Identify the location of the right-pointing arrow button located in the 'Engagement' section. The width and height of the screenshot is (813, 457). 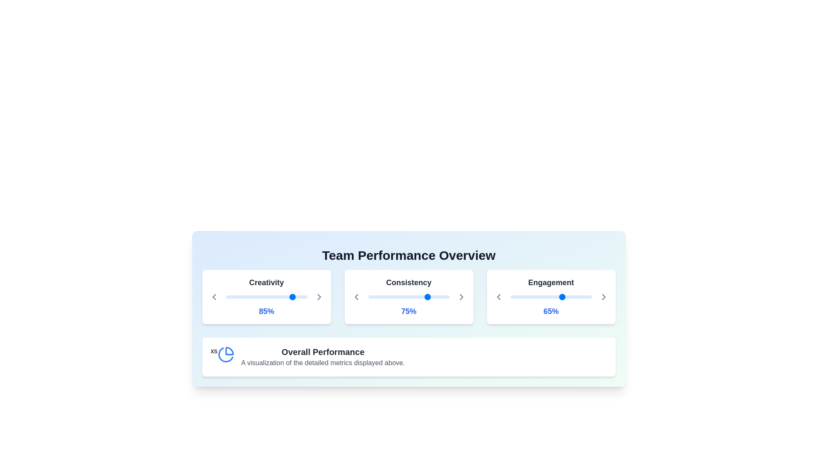
(603, 297).